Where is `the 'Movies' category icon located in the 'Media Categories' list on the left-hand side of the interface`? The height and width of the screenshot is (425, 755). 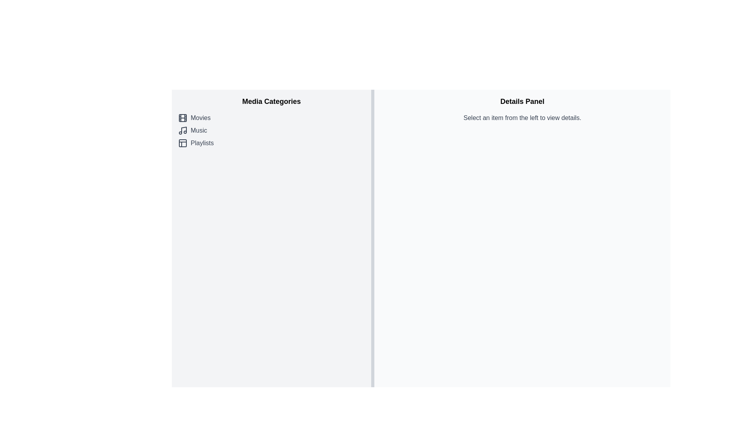
the 'Movies' category icon located in the 'Media Categories' list on the left-hand side of the interface is located at coordinates (182, 118).